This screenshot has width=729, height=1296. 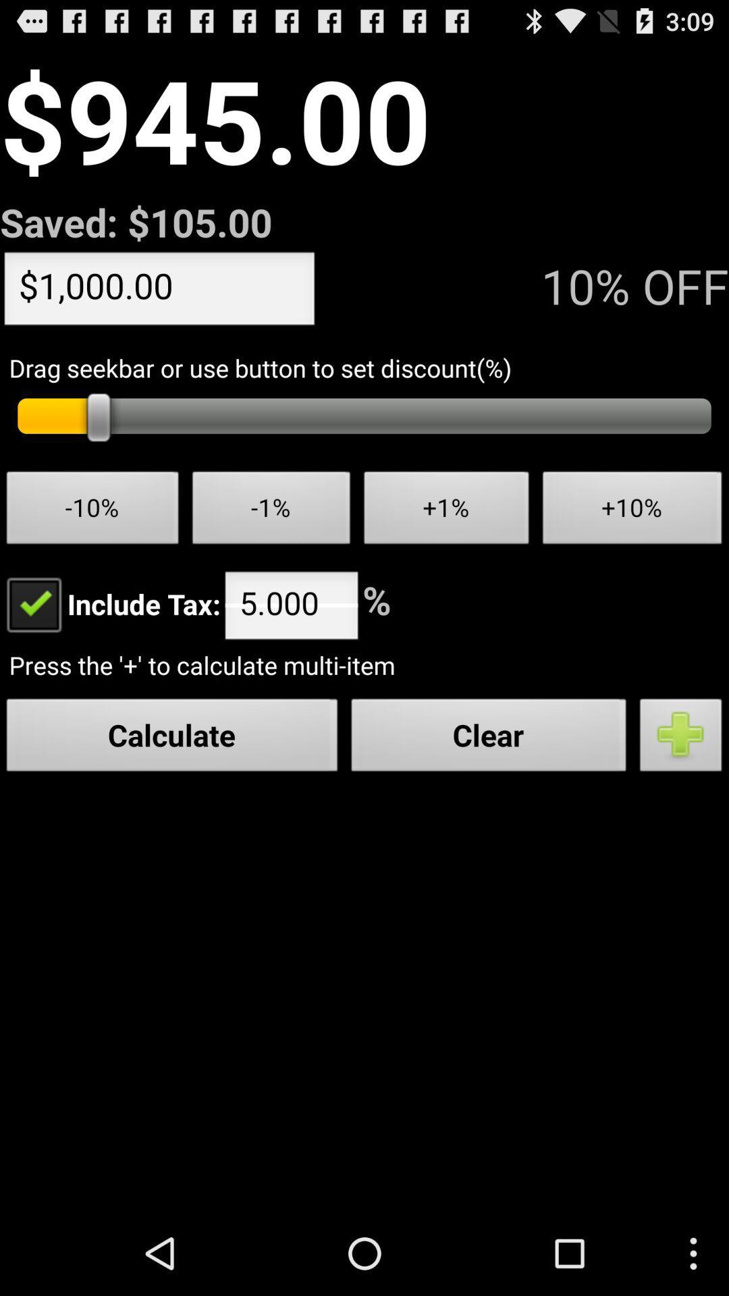 I want to click on clear item, so click(x=489, y=738).